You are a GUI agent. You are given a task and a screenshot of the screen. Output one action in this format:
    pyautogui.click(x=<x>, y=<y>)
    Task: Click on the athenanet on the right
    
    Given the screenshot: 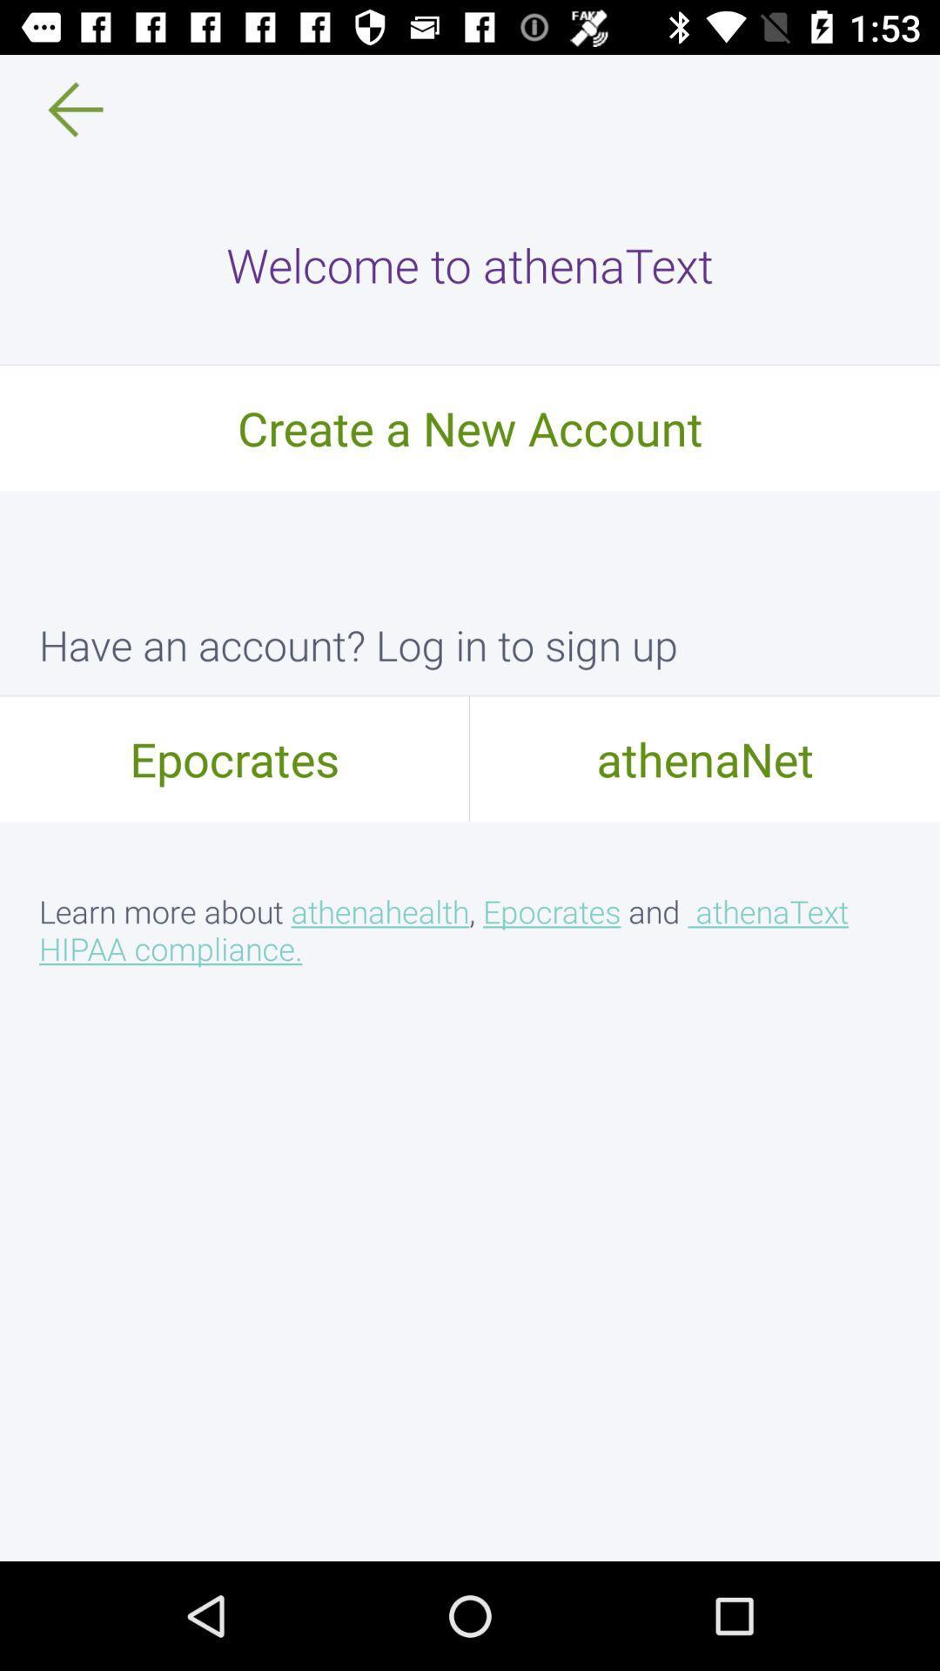 What is the action you would take?
    pyautogui.click(x=705, y=758)
    